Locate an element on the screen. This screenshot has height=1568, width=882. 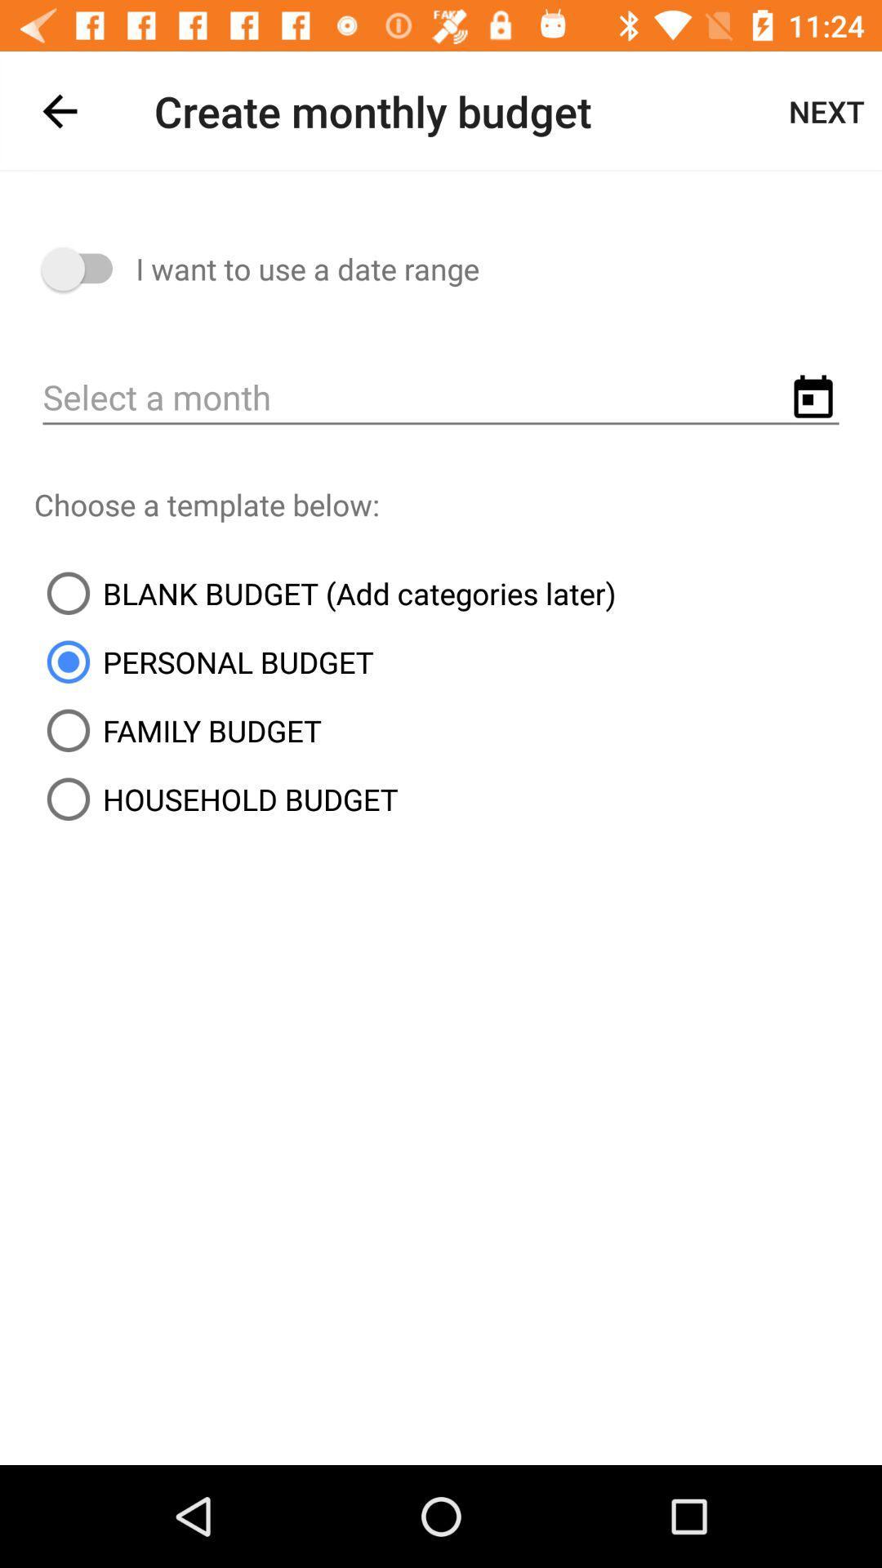
item to the left of i want to is located at coordinates (85, 269).